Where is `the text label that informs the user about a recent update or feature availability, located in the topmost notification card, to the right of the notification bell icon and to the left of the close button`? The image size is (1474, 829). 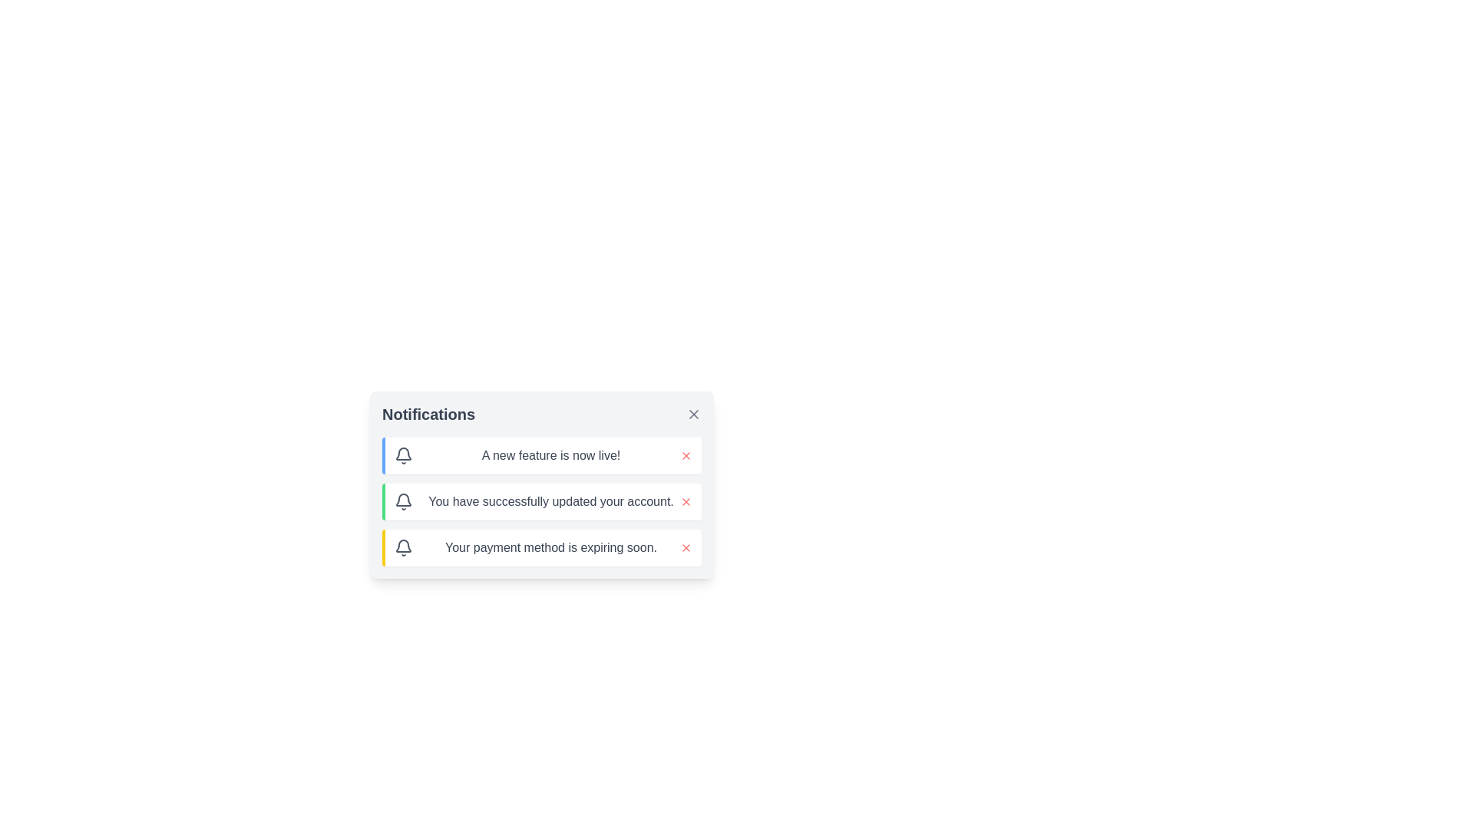 the text label that informs the user about a recent update or feature availability, located in the topmost notification card, to the right of the notification bell icon and to the left of the close button is located at coordinates (551, 455).